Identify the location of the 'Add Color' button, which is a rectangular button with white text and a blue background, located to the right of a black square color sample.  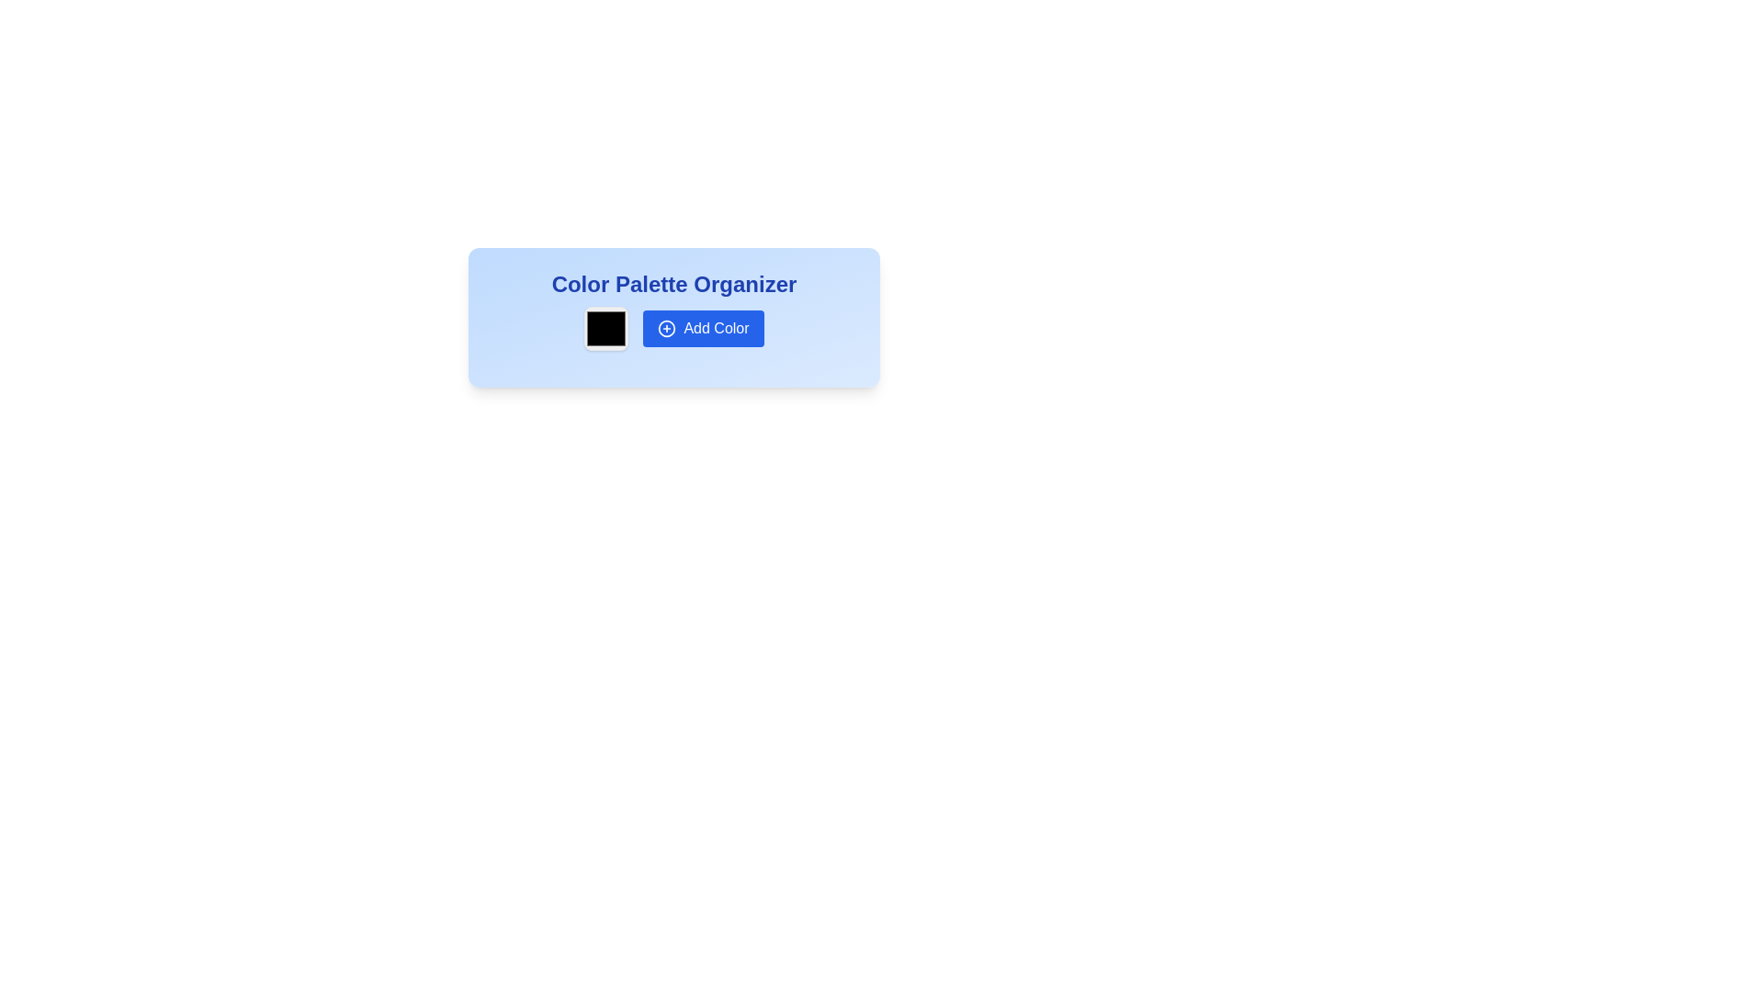
(703, 328).